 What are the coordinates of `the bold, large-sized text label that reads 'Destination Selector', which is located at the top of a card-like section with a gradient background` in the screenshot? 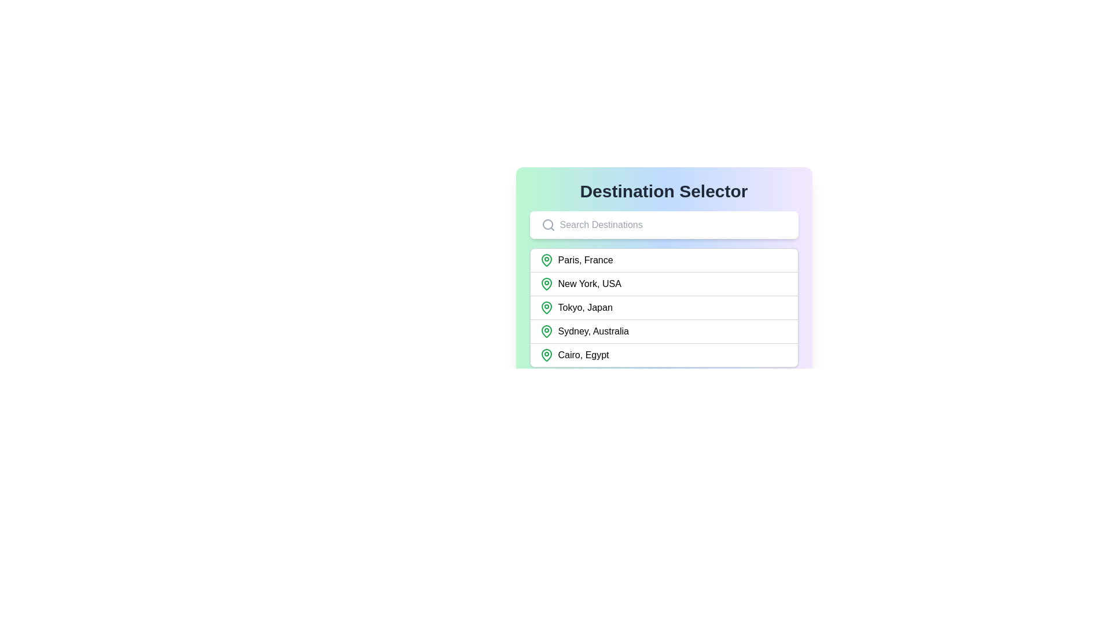 It's located at (664, 191).